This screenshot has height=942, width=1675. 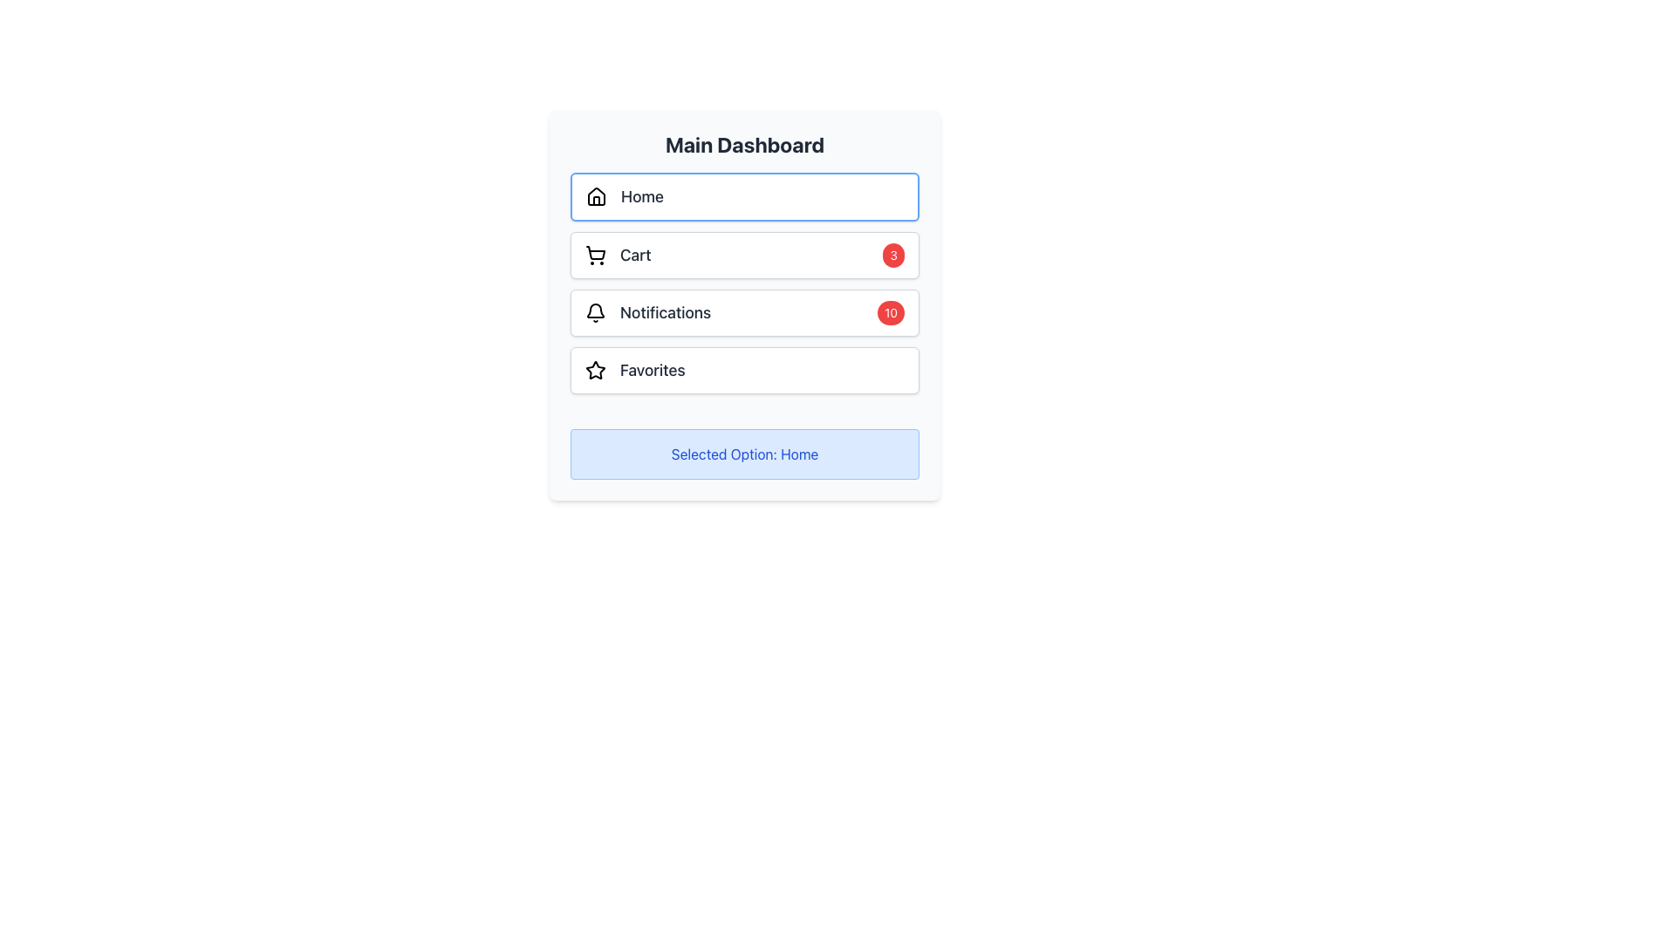 I want to click on the 'Main Dashboard' text label which serves as a header above the interactive buttons, so click(x=745, y=143).